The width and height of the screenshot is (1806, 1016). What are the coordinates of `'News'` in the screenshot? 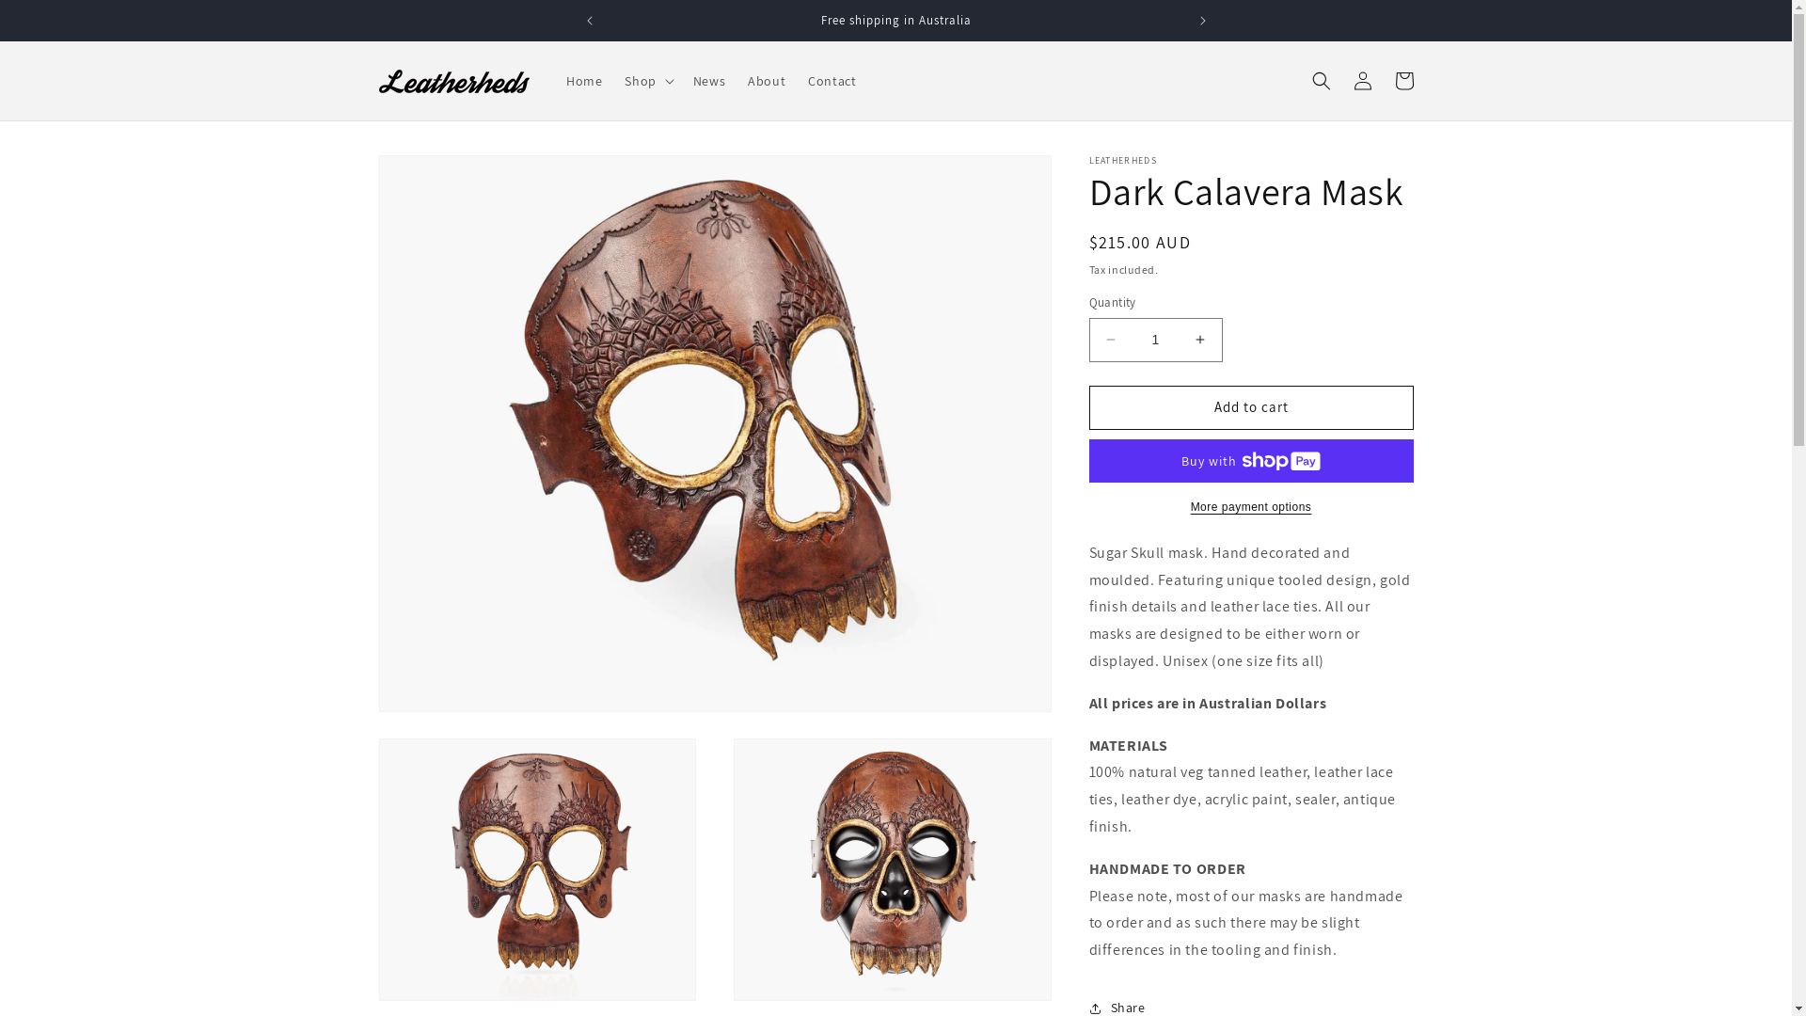 It's located at (707, 79).